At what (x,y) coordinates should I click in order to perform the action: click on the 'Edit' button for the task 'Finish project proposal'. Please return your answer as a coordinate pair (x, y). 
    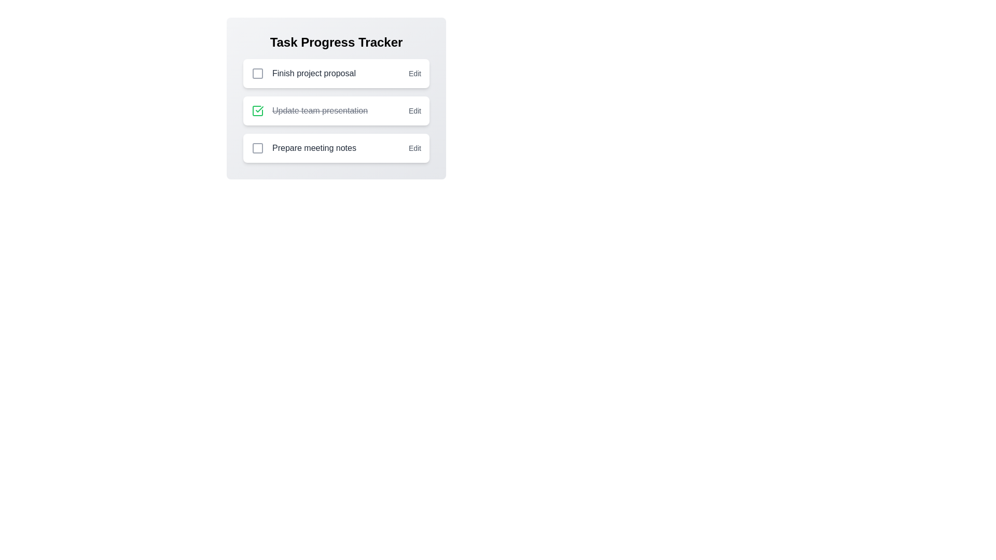
    Looking at the image, I should click on (414, 73).